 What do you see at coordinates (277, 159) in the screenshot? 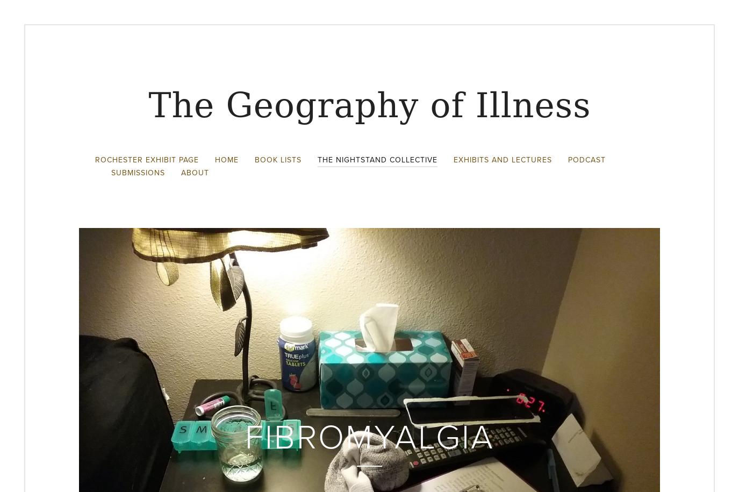
I see `'Book Lists'` at bounding box center [277, 159].